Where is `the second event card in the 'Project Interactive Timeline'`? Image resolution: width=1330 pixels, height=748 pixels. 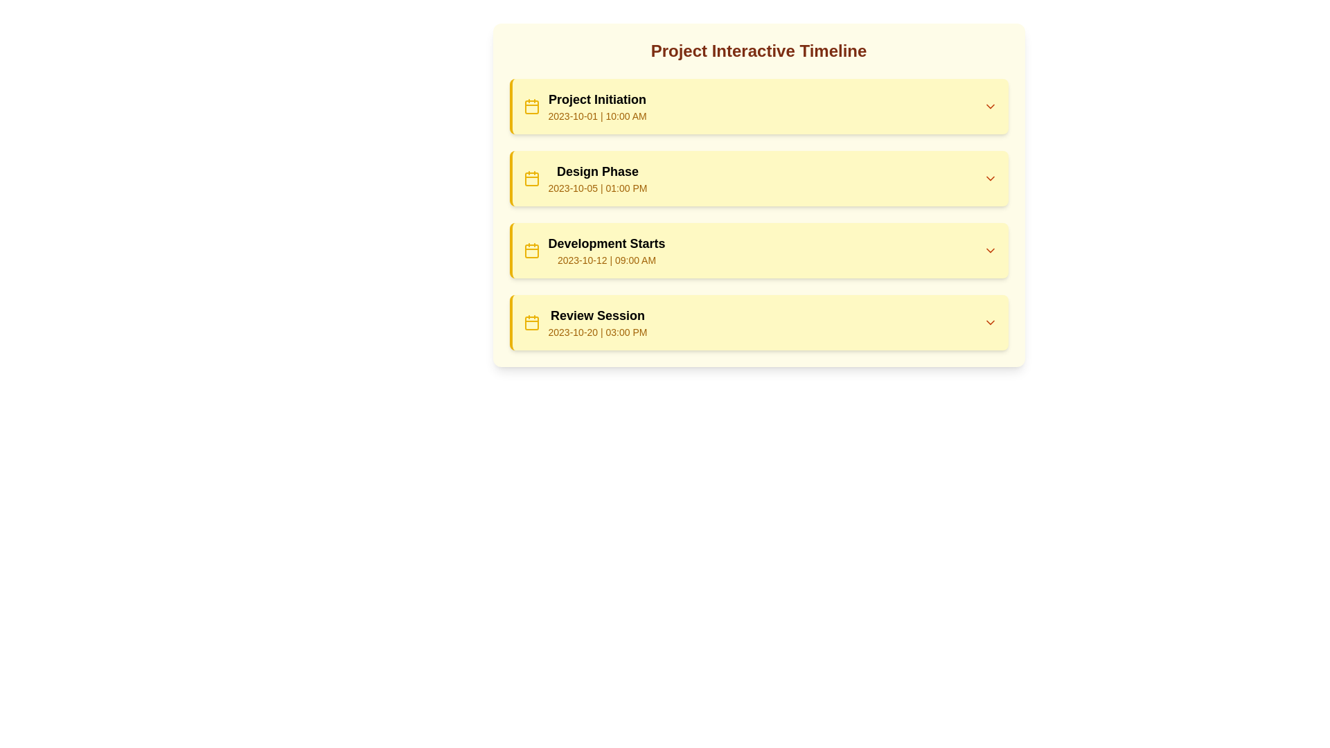 the second event card in the 'Project Interactive Timeline' is located at coordinates (758, 214).